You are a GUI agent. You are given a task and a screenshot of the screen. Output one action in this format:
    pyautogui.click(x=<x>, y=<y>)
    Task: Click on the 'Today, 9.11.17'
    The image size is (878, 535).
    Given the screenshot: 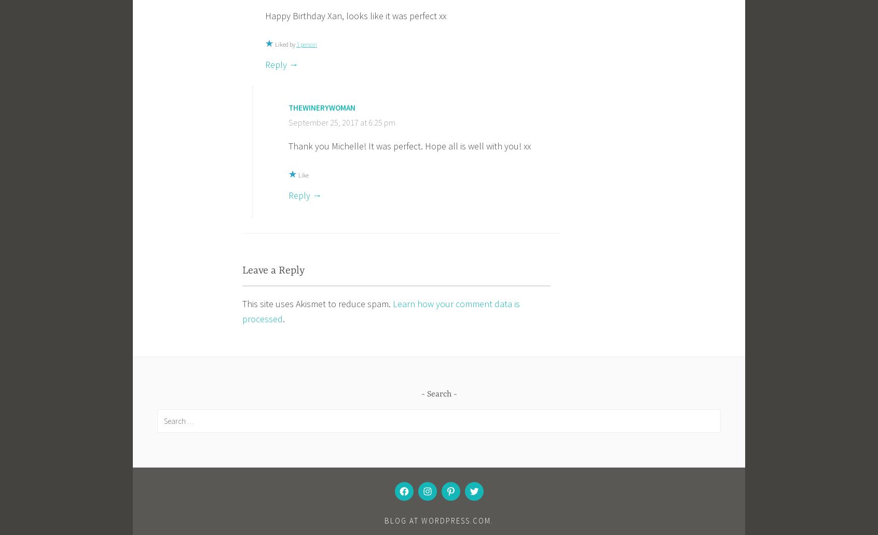 What is the action you would take?
    pyautogui.click(x=266, y=452)
    